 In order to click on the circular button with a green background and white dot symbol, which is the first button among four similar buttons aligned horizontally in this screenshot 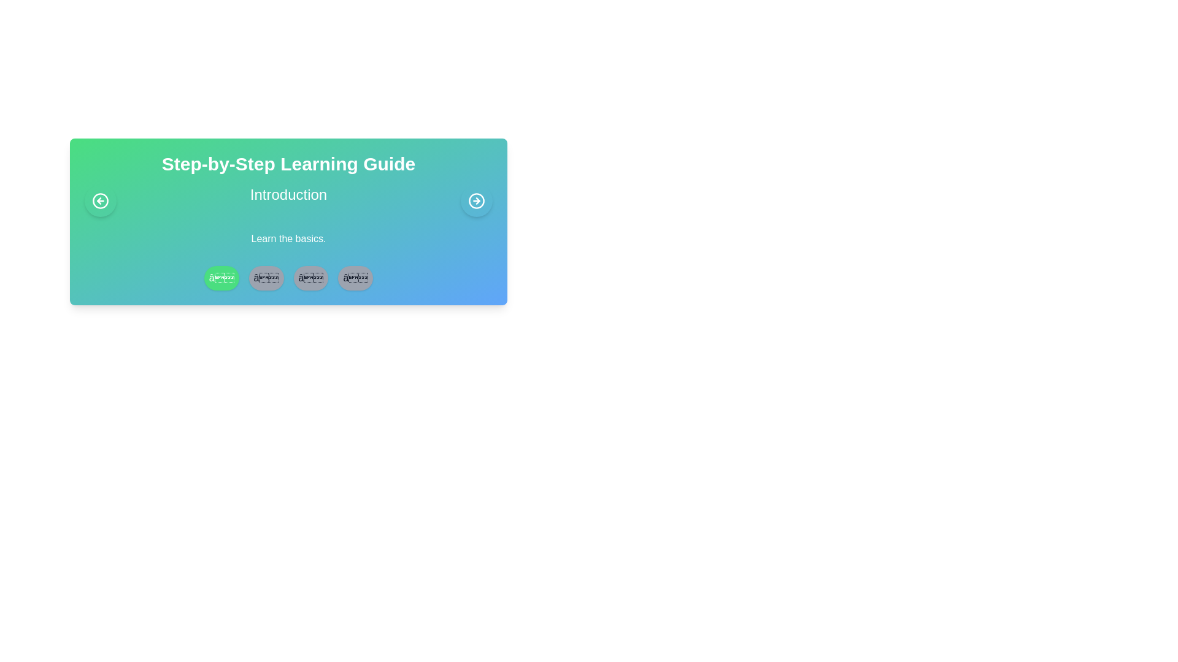, I will do `click(221, 278)`.